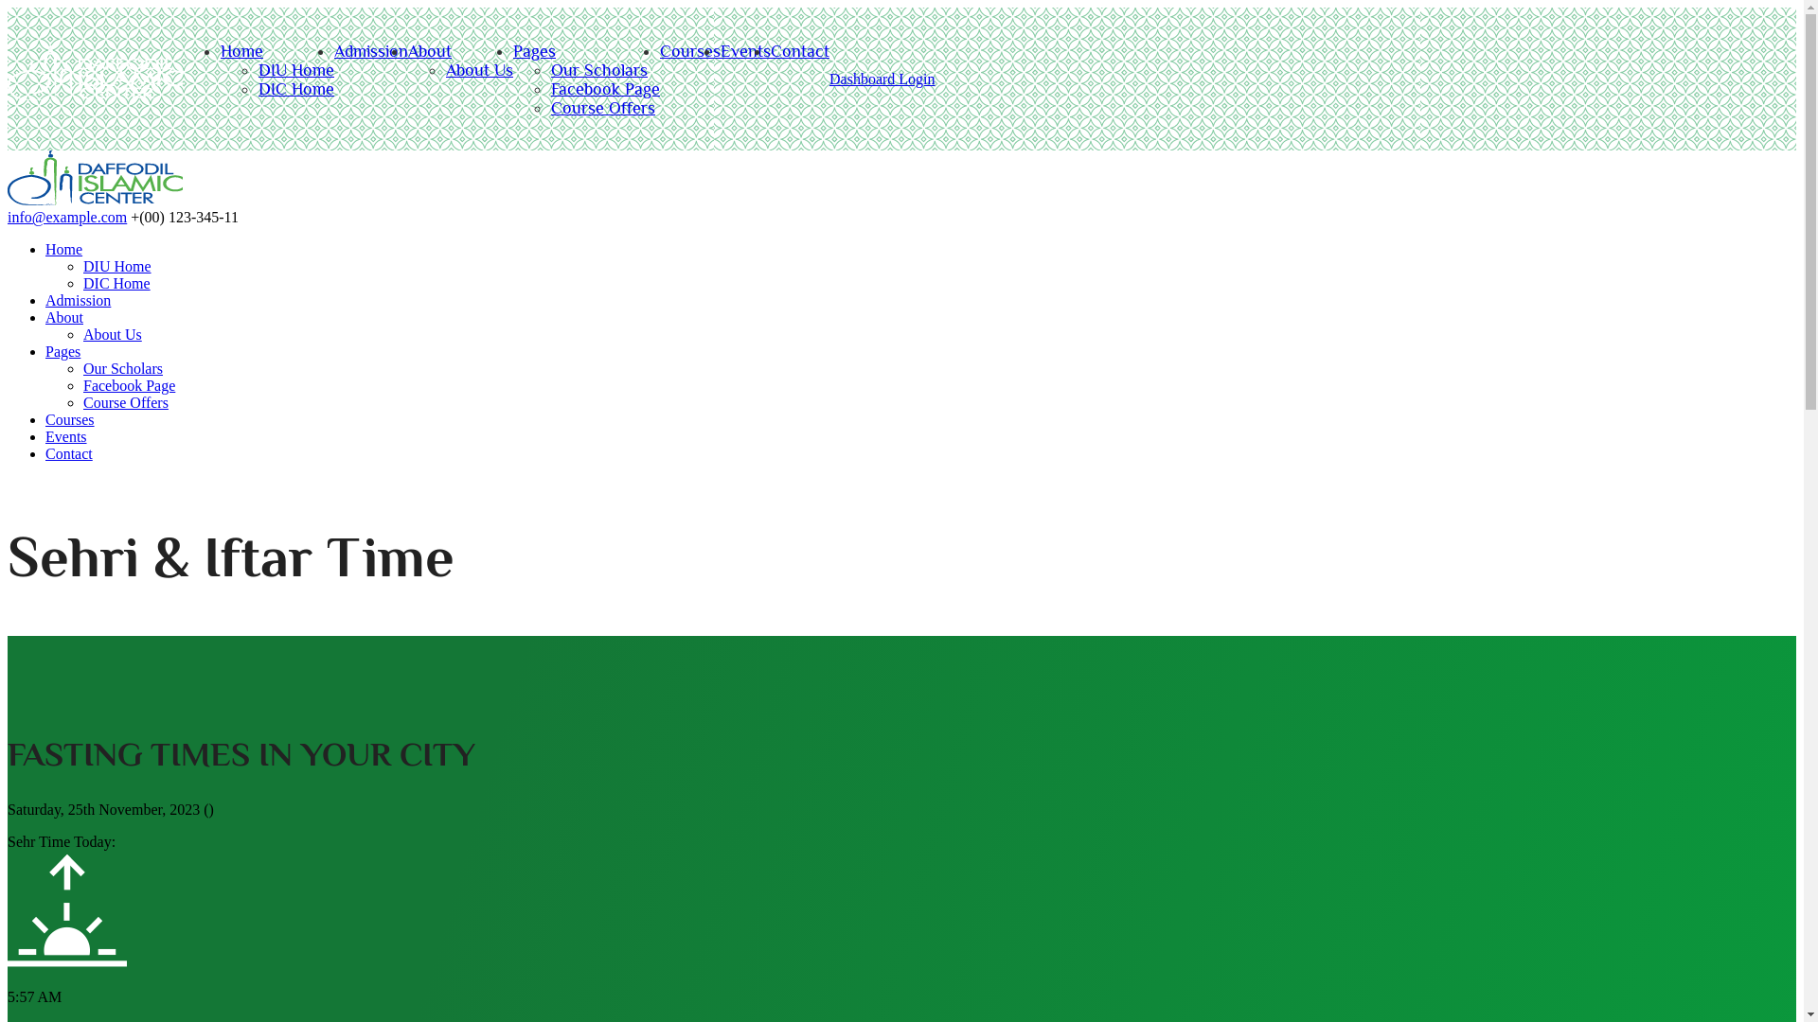 Image resolution: width=1818 pixels, height=1022 pixels. Describe the element at coordinates (604, 88) in the screenshot. I see `'Facebook Page'` at that location.